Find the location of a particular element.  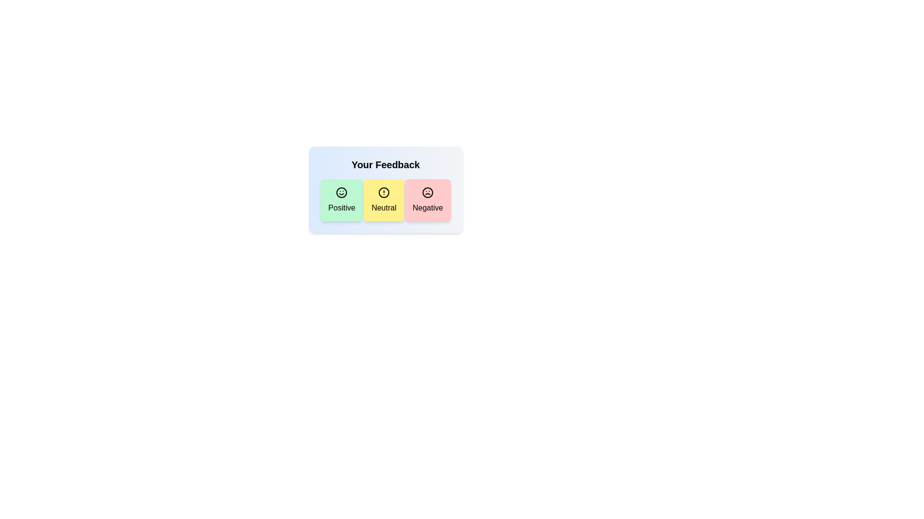

the circular SVG element with a black outline located at the center of the frowning face icon in the 'Negative' feedback button area is located at coordinates (427, 193).